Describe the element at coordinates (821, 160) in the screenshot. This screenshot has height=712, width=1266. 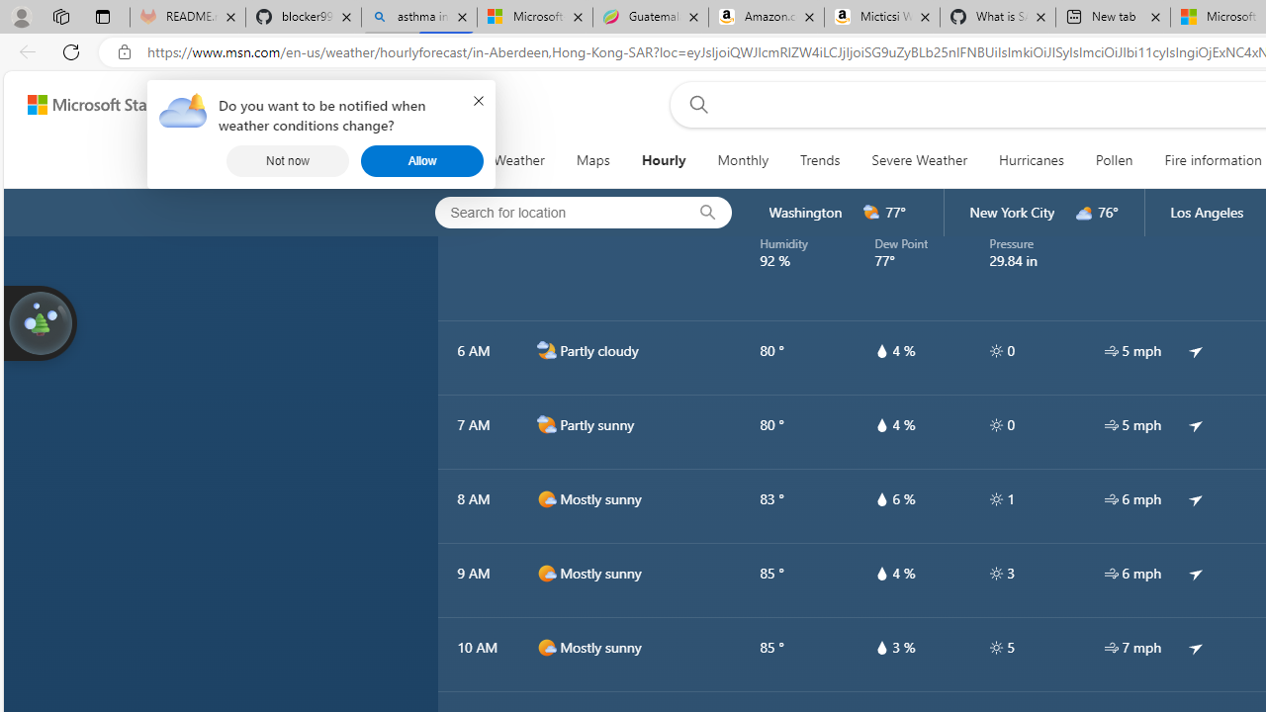
I see `'Trends'` at that location.